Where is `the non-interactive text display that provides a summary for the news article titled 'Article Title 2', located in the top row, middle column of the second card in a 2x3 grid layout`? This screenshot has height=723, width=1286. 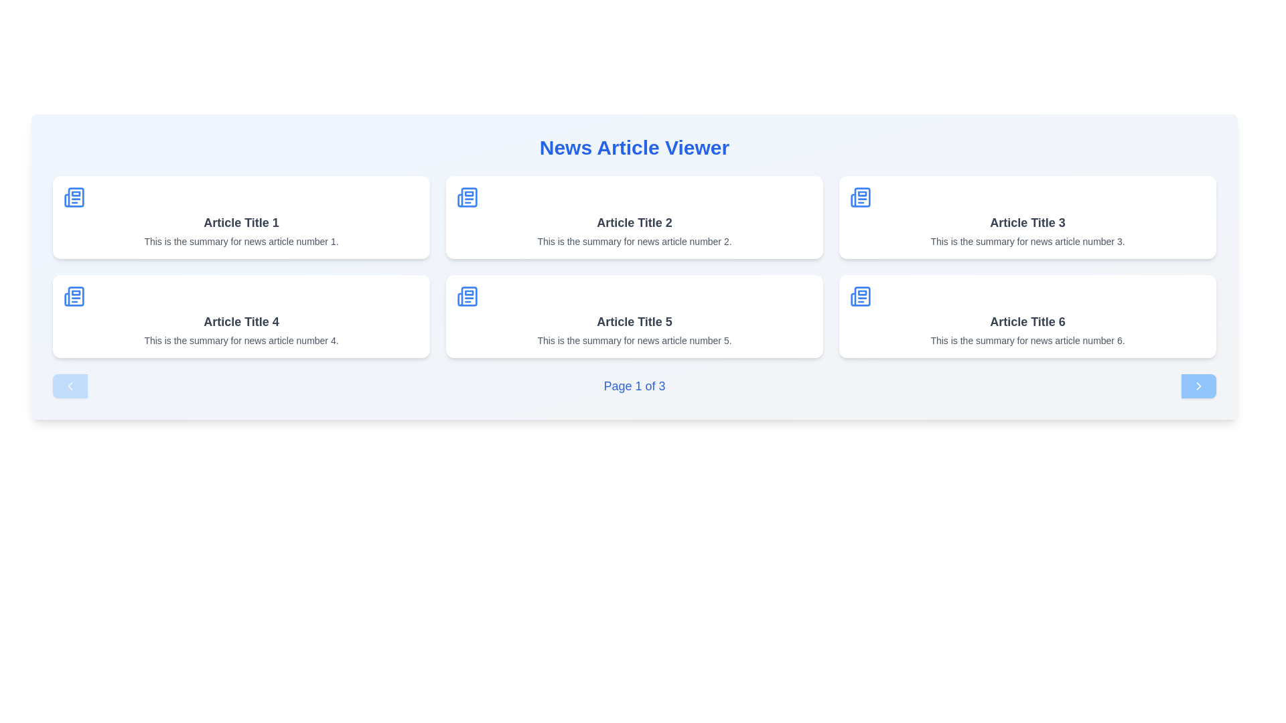 the non-interactive text display that provides a summary for the news article titled 'Article Title 2', located in the top row, middle column of the second card in a 2x3 grid layout is located at coordinates (634, 242).